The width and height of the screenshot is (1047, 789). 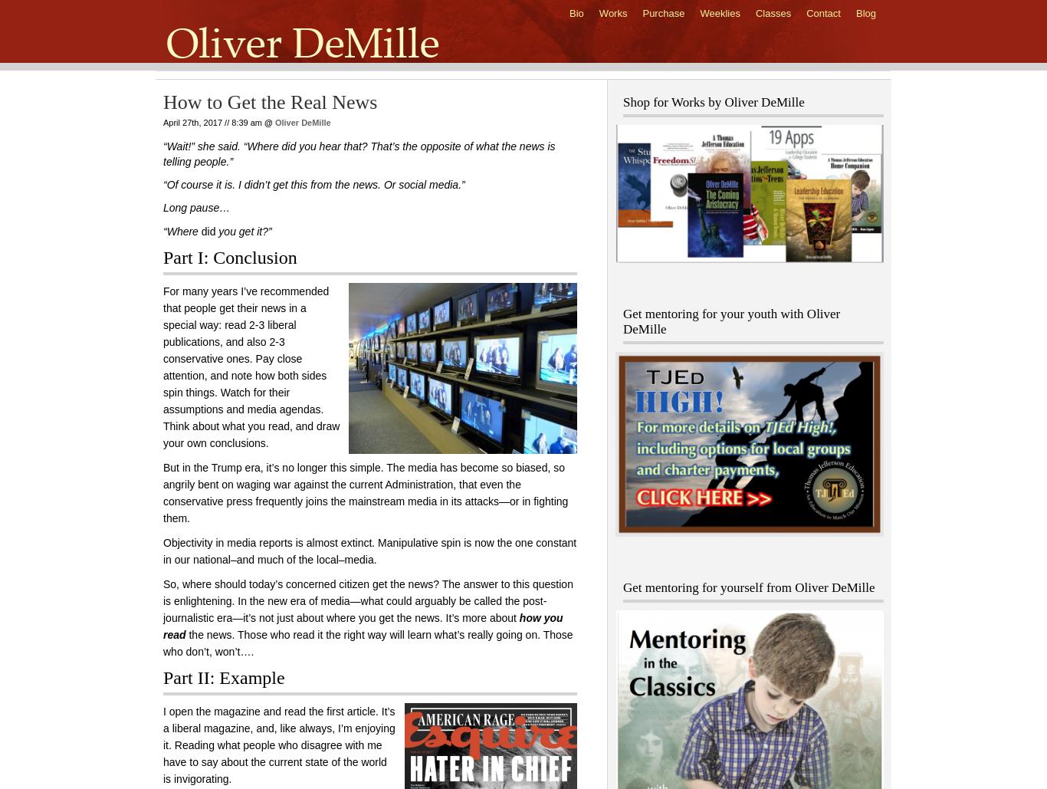 I want to click on 'How to Get the Real News', so click(x=269, y=101).